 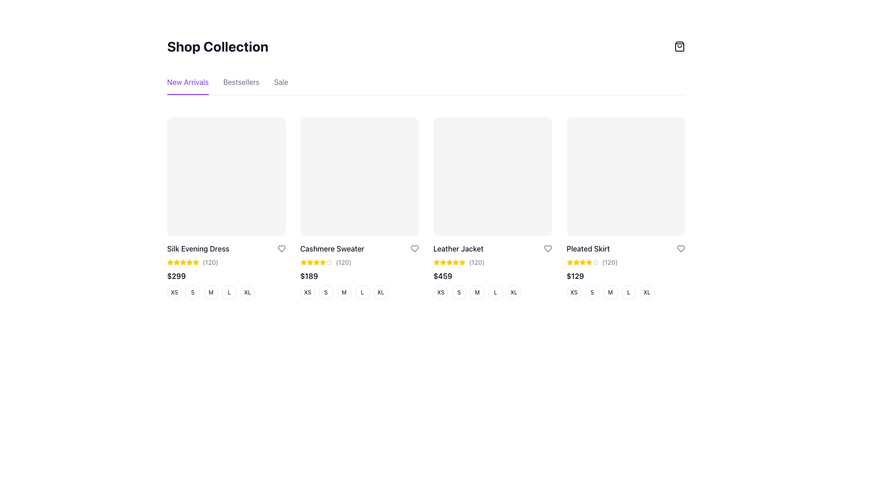 What do you see at coordinates (326, 292) in the screenshot?
I see `the circular button labeled 'S' with a white background and gray border` at bounding box center [326, 292].